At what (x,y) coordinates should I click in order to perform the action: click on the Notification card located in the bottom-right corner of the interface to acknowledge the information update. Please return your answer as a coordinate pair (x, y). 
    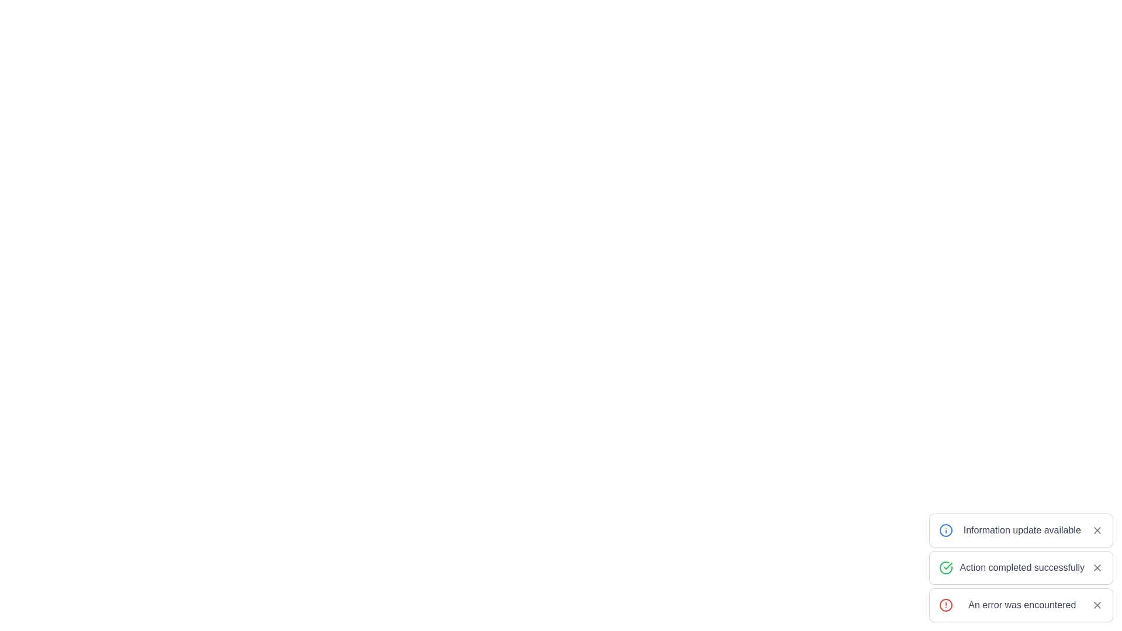
    Looking at the image, I should click on (1020, 530).